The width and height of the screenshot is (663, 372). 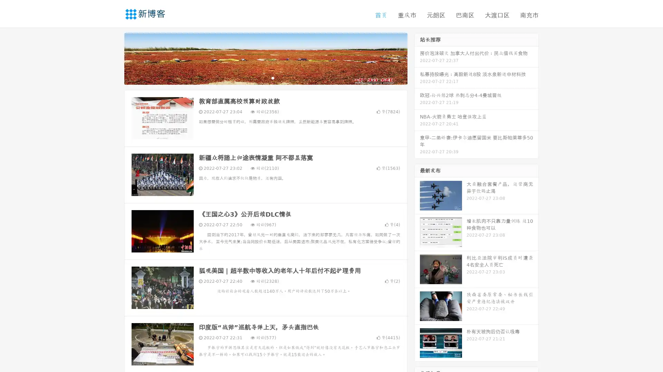 What do you see at coordinates (265, 77) in the screenshot?
I see `Go to slide 2` at bounding box center [265, 77].